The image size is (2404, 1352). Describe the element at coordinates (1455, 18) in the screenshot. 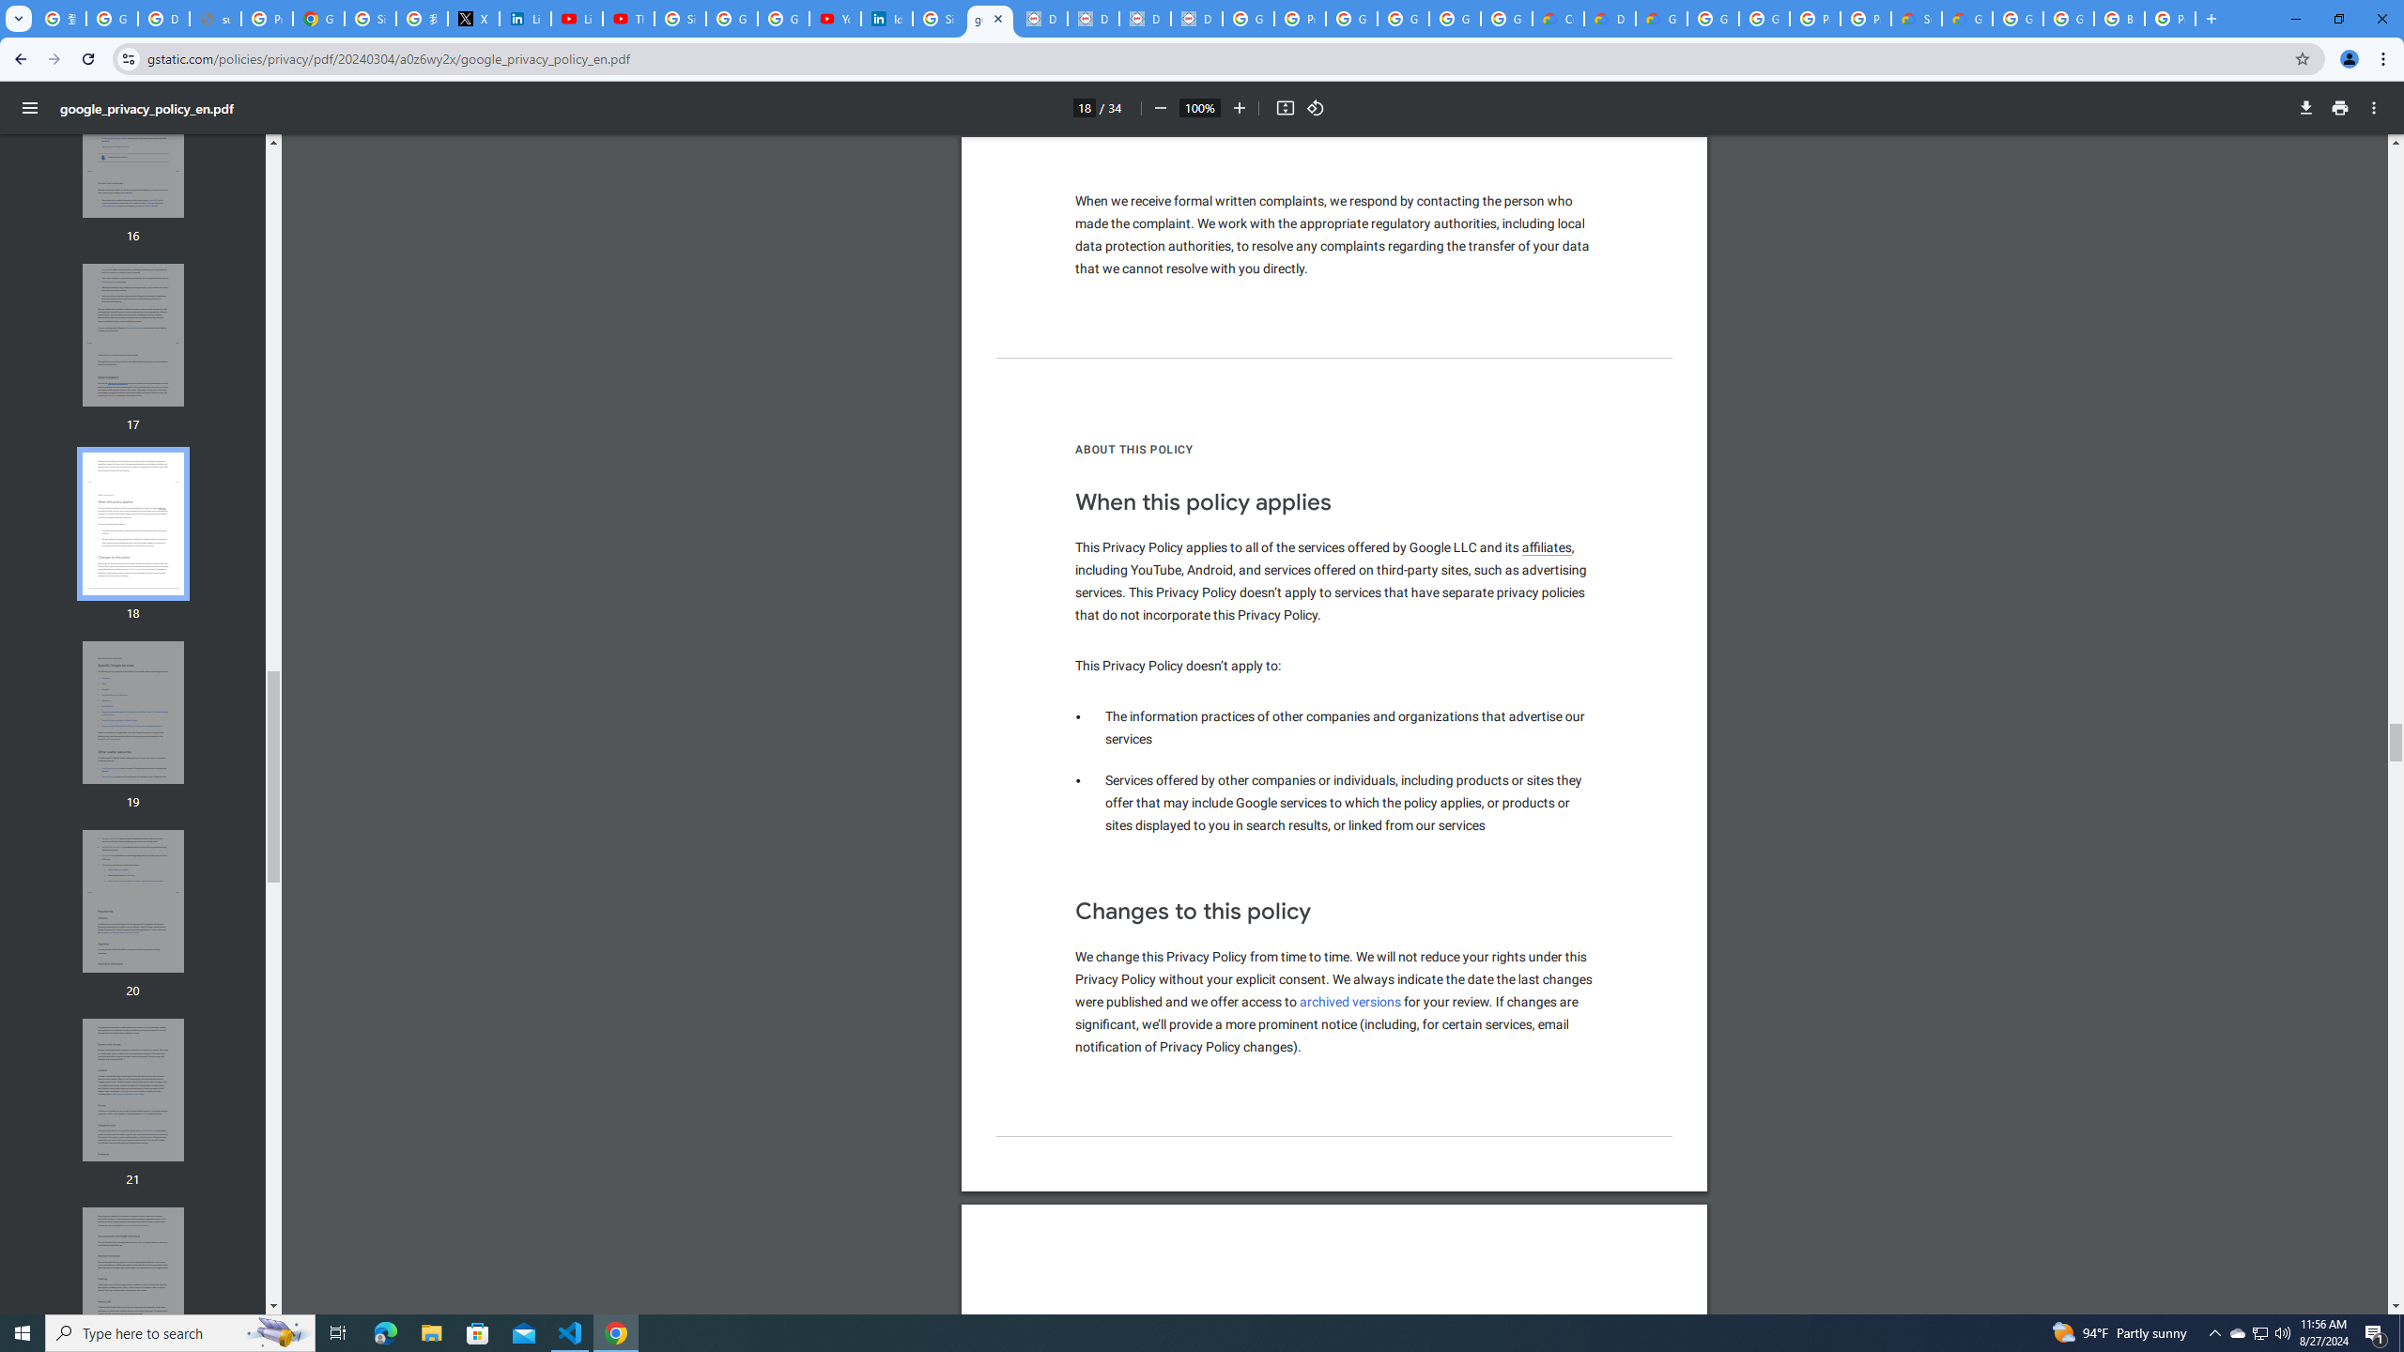

I see `'Google Workspace - Specific Terms'` at that location.